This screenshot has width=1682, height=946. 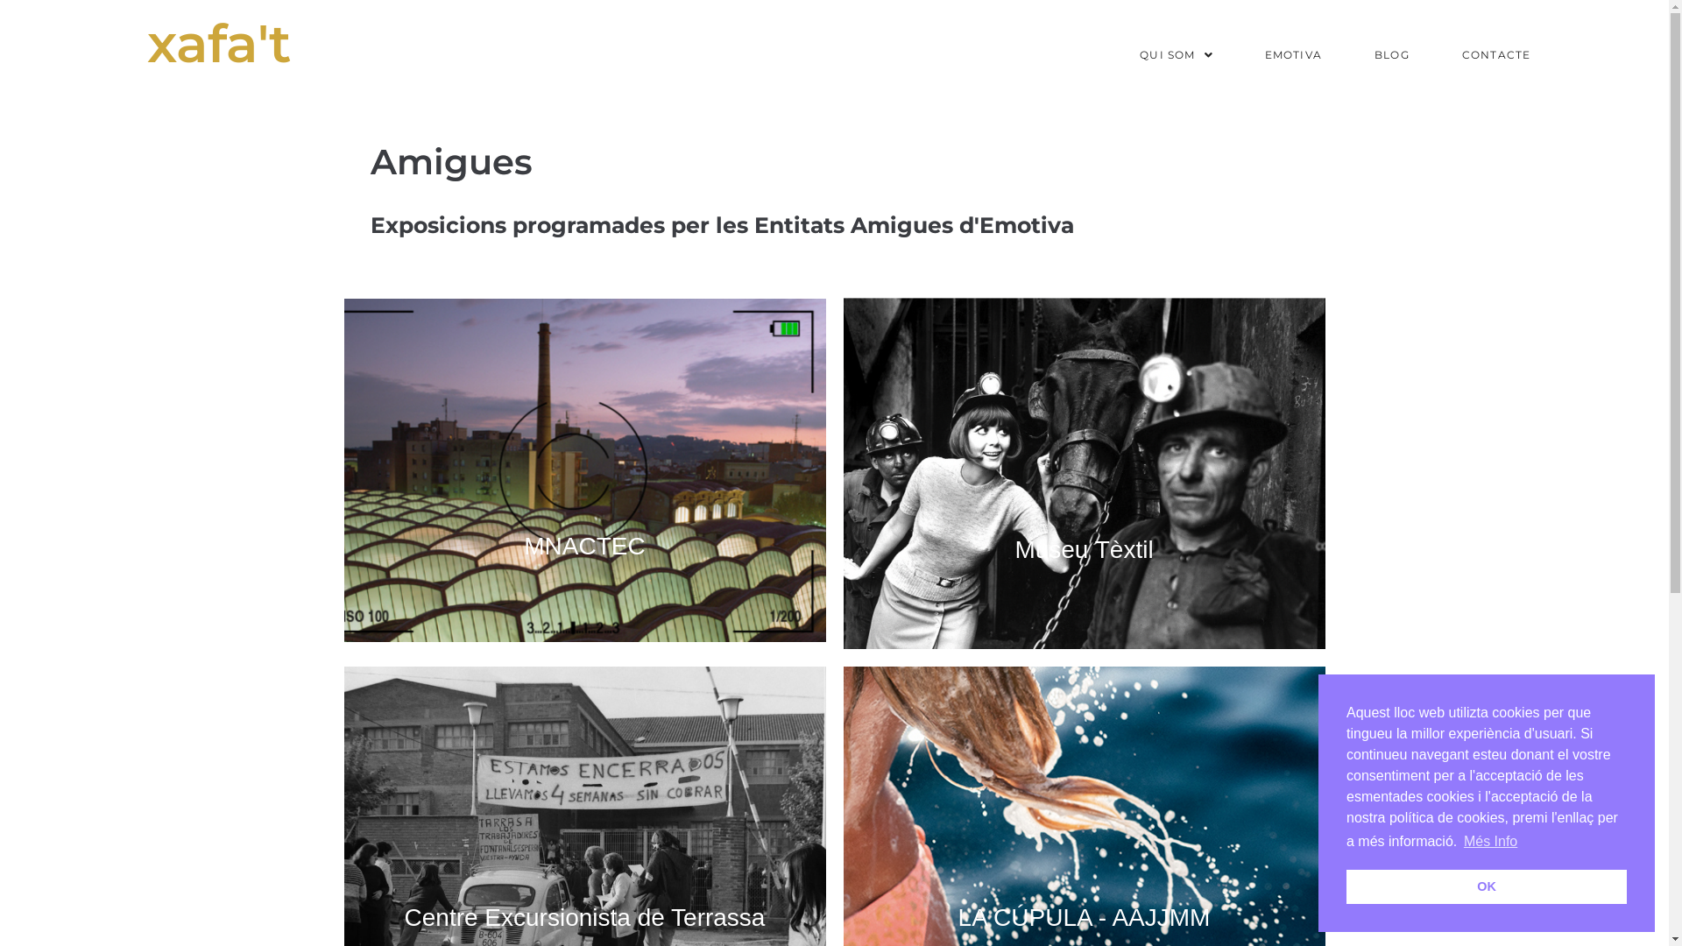 What do you see at coordinates (1486, 886) in the screenshot?
I see `'OK'` at bounding box center [1486, 886].